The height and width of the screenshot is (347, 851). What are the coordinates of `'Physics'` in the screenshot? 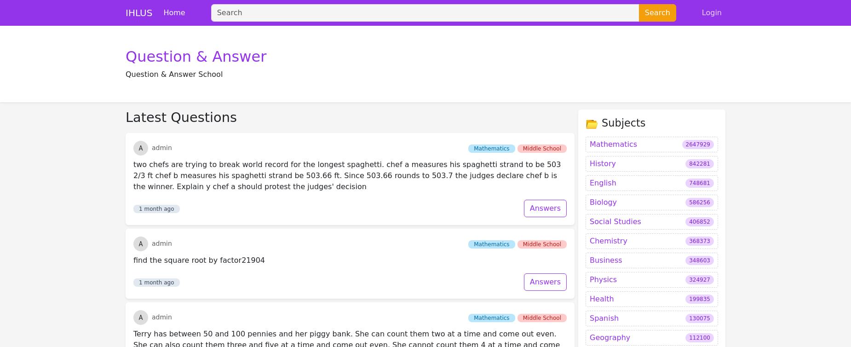 It's located at (603, 182).